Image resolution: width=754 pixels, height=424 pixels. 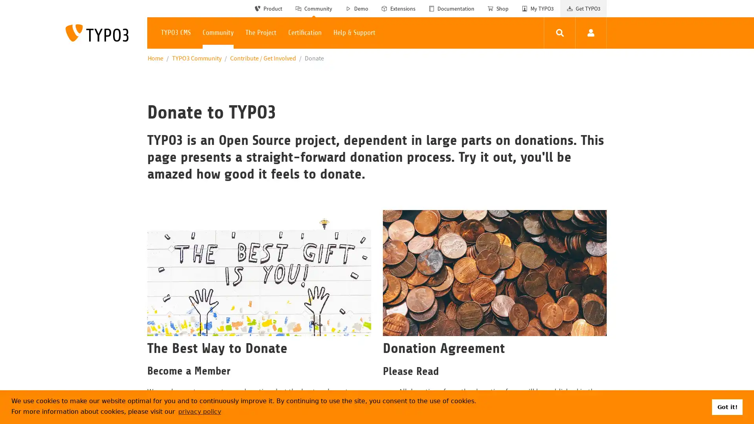 What do you see at coordinates (199, 411) in the screenshot?
I see `learn more about cookies` at bounding box center [199, 411].